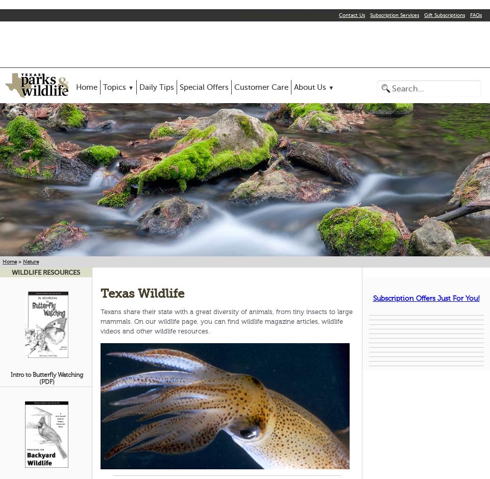 The image size is (490, 479). Describe the element at coordinates (352, 15) in the screenshot. I see `'Contact Us'` at that location.